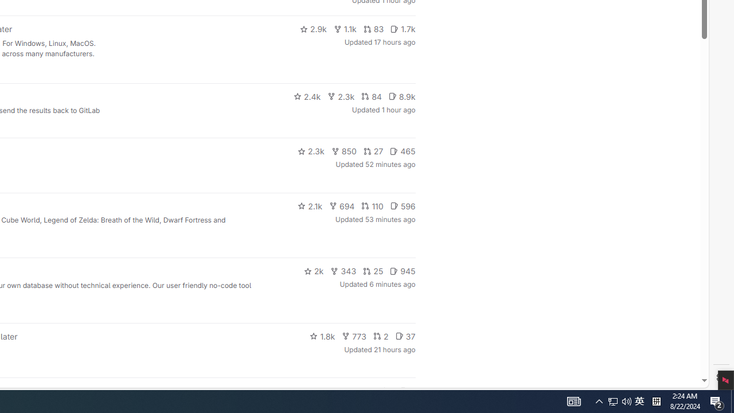 This screenshot has height=413, width=734. I want to click on '1.1k', so click(344, 29).